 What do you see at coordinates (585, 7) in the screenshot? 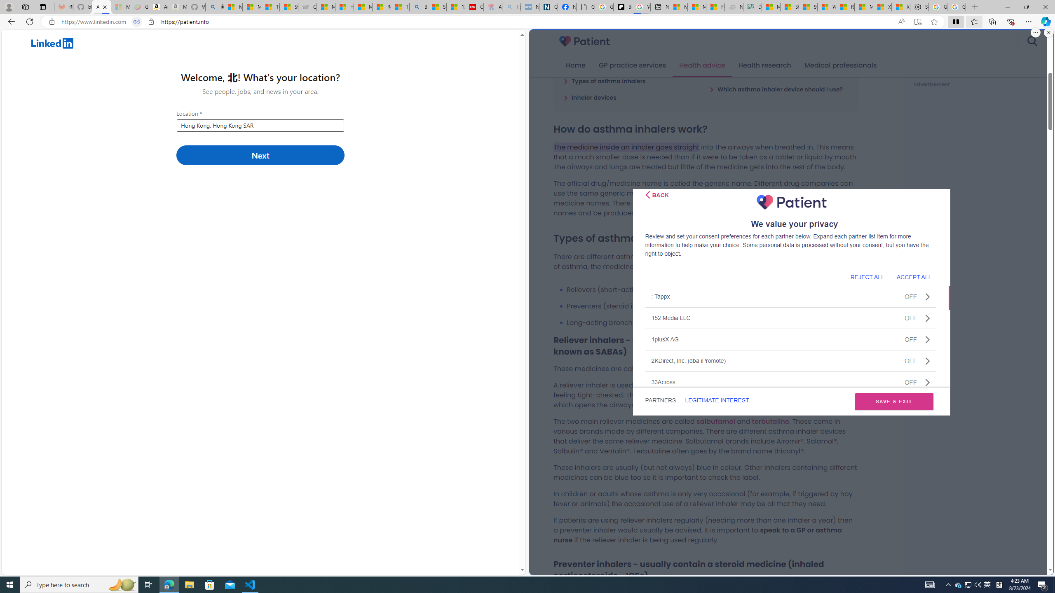
I see `'Google Analytics Opt-out Browser Add-on Download Page'` at bounding box center [585, 7].